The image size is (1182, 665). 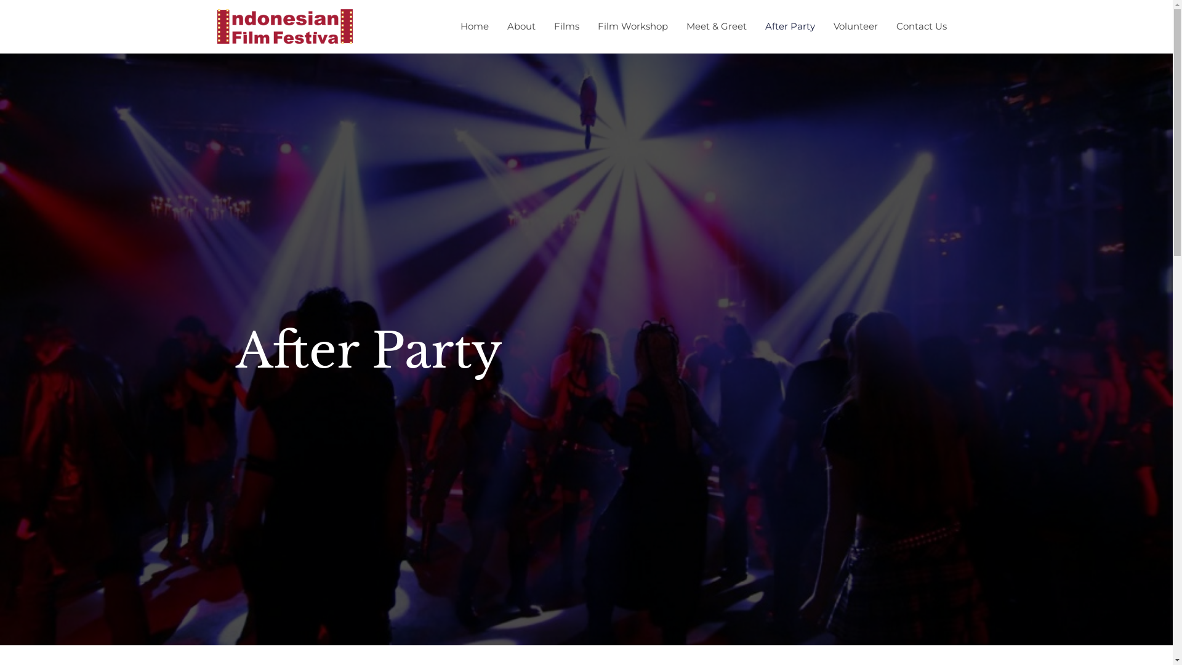 I want to click on 'Home', so click(x=473, y=26).